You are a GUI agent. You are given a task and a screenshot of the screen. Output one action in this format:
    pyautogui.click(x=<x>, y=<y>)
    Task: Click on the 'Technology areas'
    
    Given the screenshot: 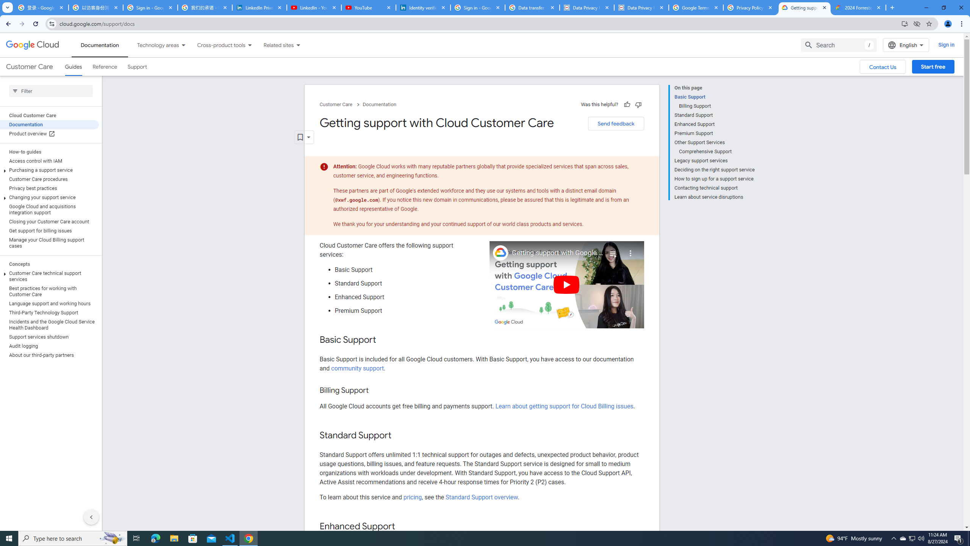 What is the action you would take?
    pyautogui.click(x=153, y=45)
    